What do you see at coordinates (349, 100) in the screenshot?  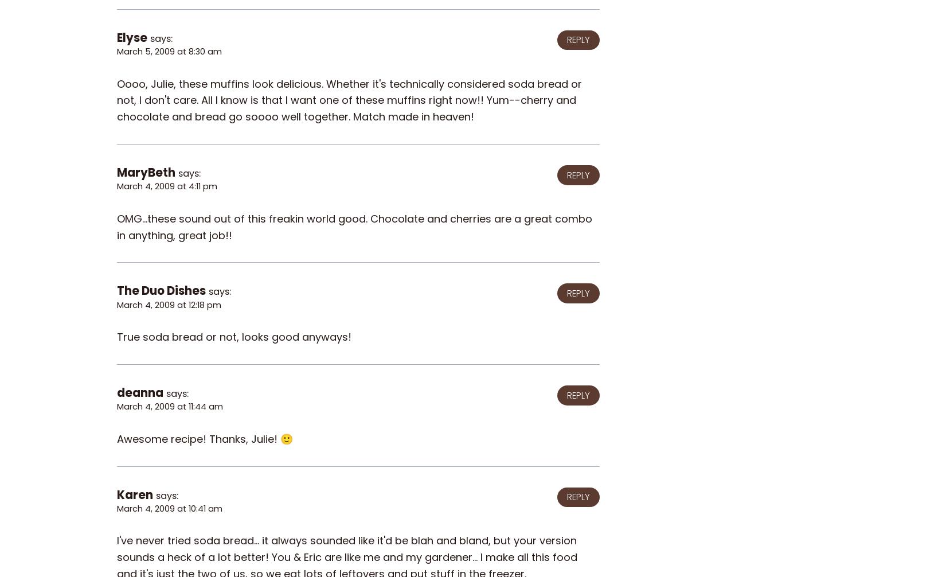 I see `'Oooo, Julie, these muffins look delicious.  Whether it's technically considered soda bread or not, I don't care.  All I know is that I want one of these muffins right now!!  Yum--cherry and chocolate and bread go soooo well together.  Match made in heaven!'` at bounding box center [349, 100].